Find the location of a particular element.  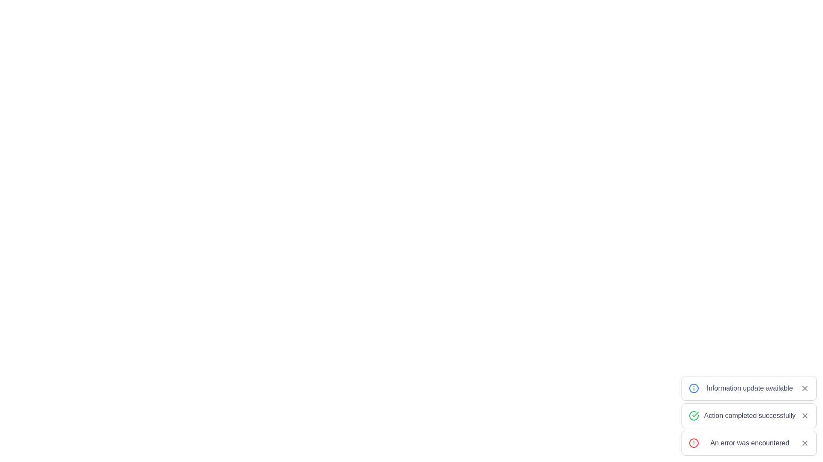

the green circular icon with a checkmark inside, located within the notification box that reads 'Action completed successfully' is located at coordinates (694, 415).